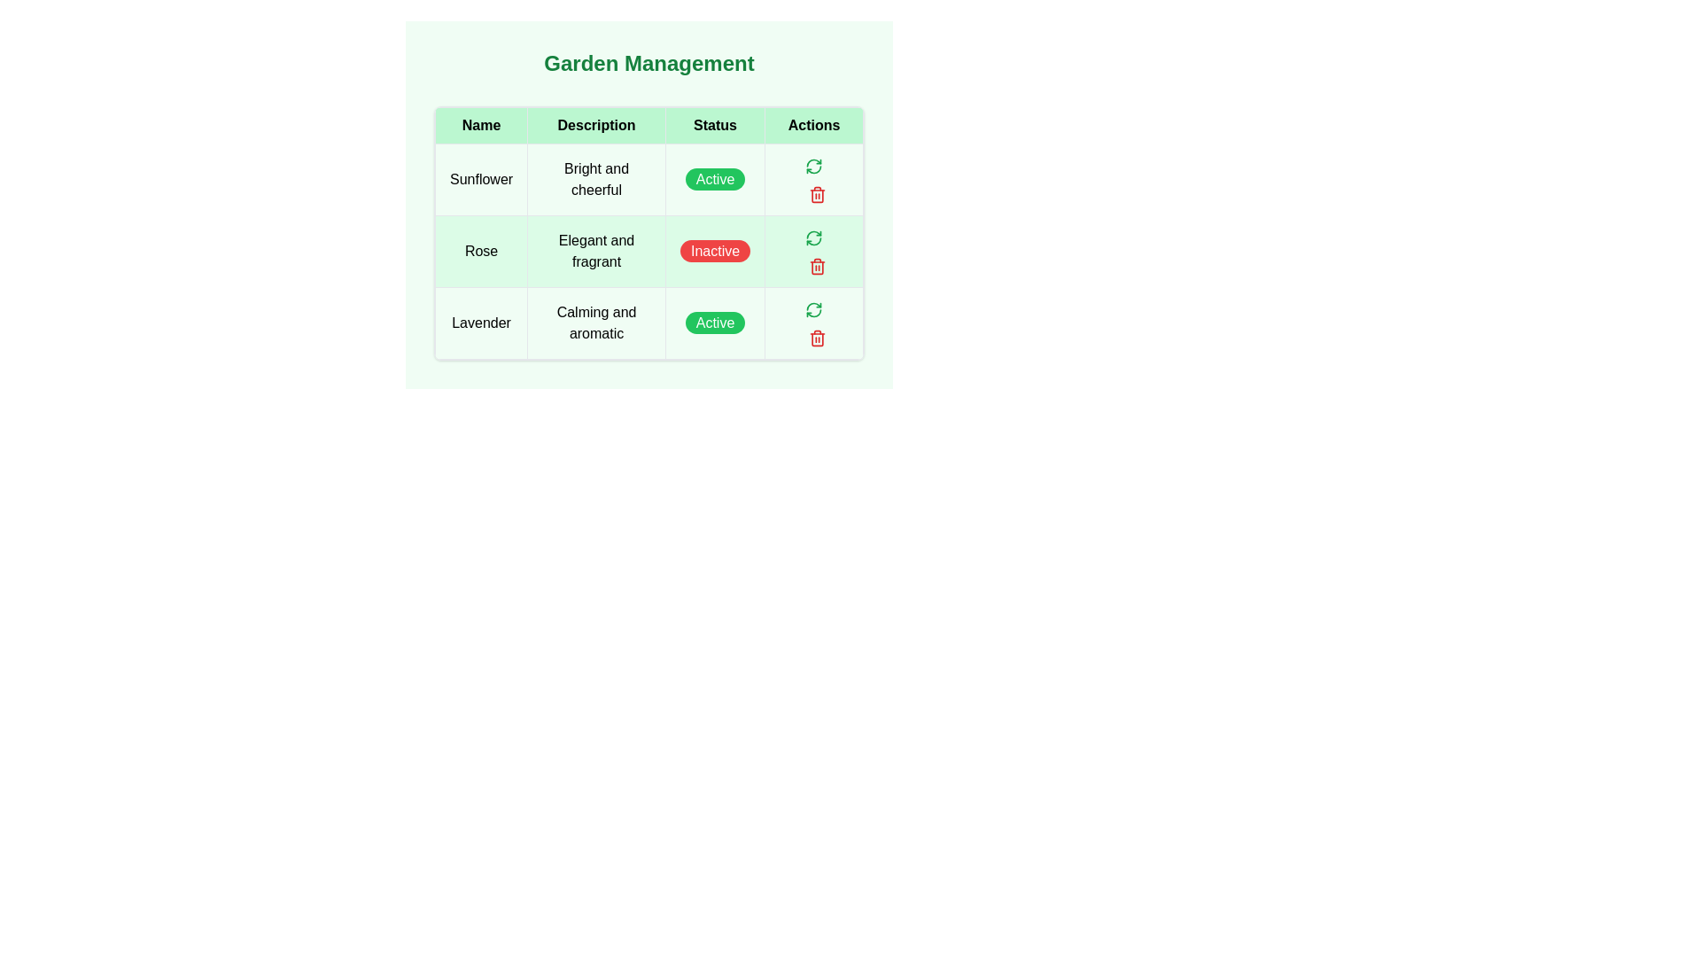 Image resolution: width=1701 pixels, height=957 pixels. I want to click on the circular refresh button, which is green and located in the 'Actions' column of the third row under the 'Garden Management' table for the 'Lavender' entry, so click(813, 307).